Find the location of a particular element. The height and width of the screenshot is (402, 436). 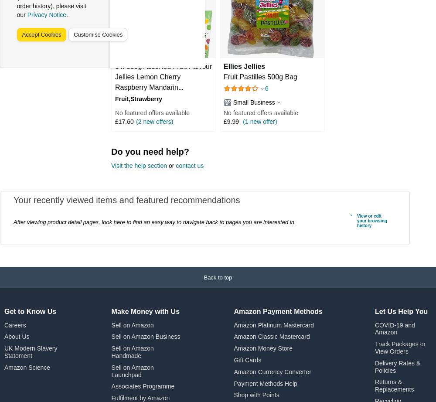

'Do you need help?' is located at coordinates (111, 151).